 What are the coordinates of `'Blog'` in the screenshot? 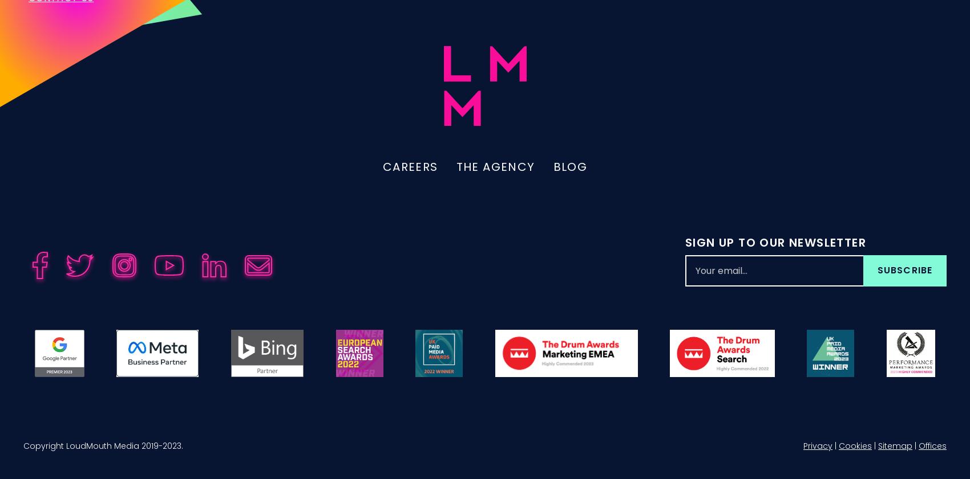 It's located at (569, 179).